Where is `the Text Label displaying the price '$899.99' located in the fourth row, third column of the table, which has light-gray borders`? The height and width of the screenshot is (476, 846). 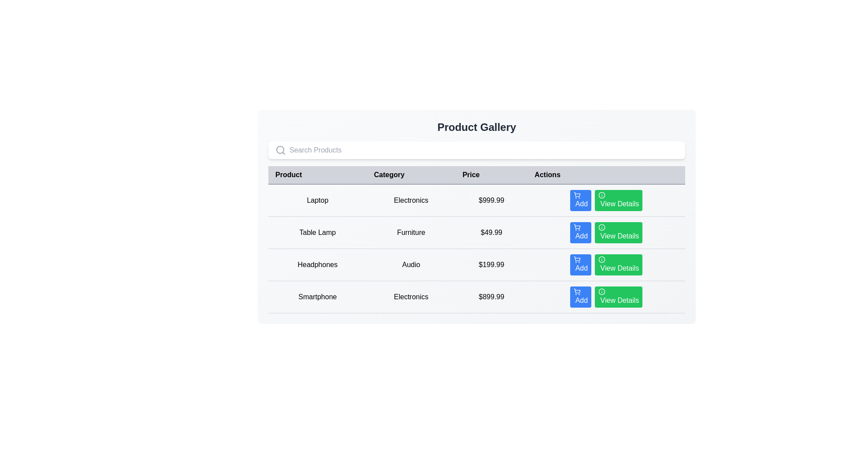
the Text Label displaying the price '$899.99' located in the fourth row, third column of the table, which has light-gray borders is located at coordinates (491, 297).